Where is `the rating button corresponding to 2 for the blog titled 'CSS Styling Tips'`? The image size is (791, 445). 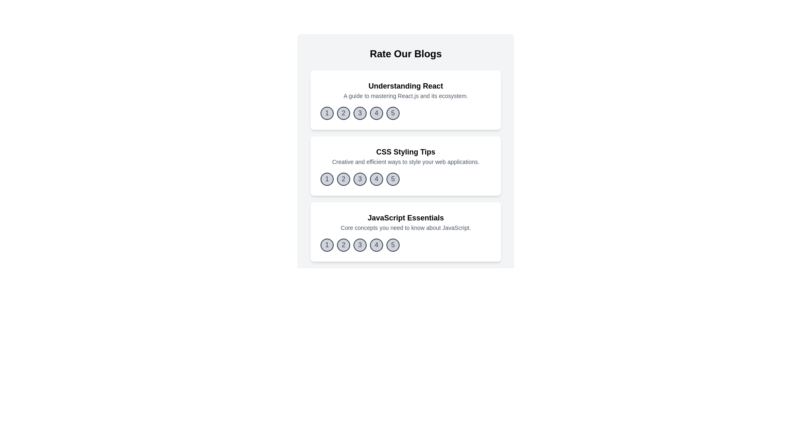
the rating button corresponding to 2 for the blog titled 'CSS Styling Tips' is located at coordinates (344, 179).